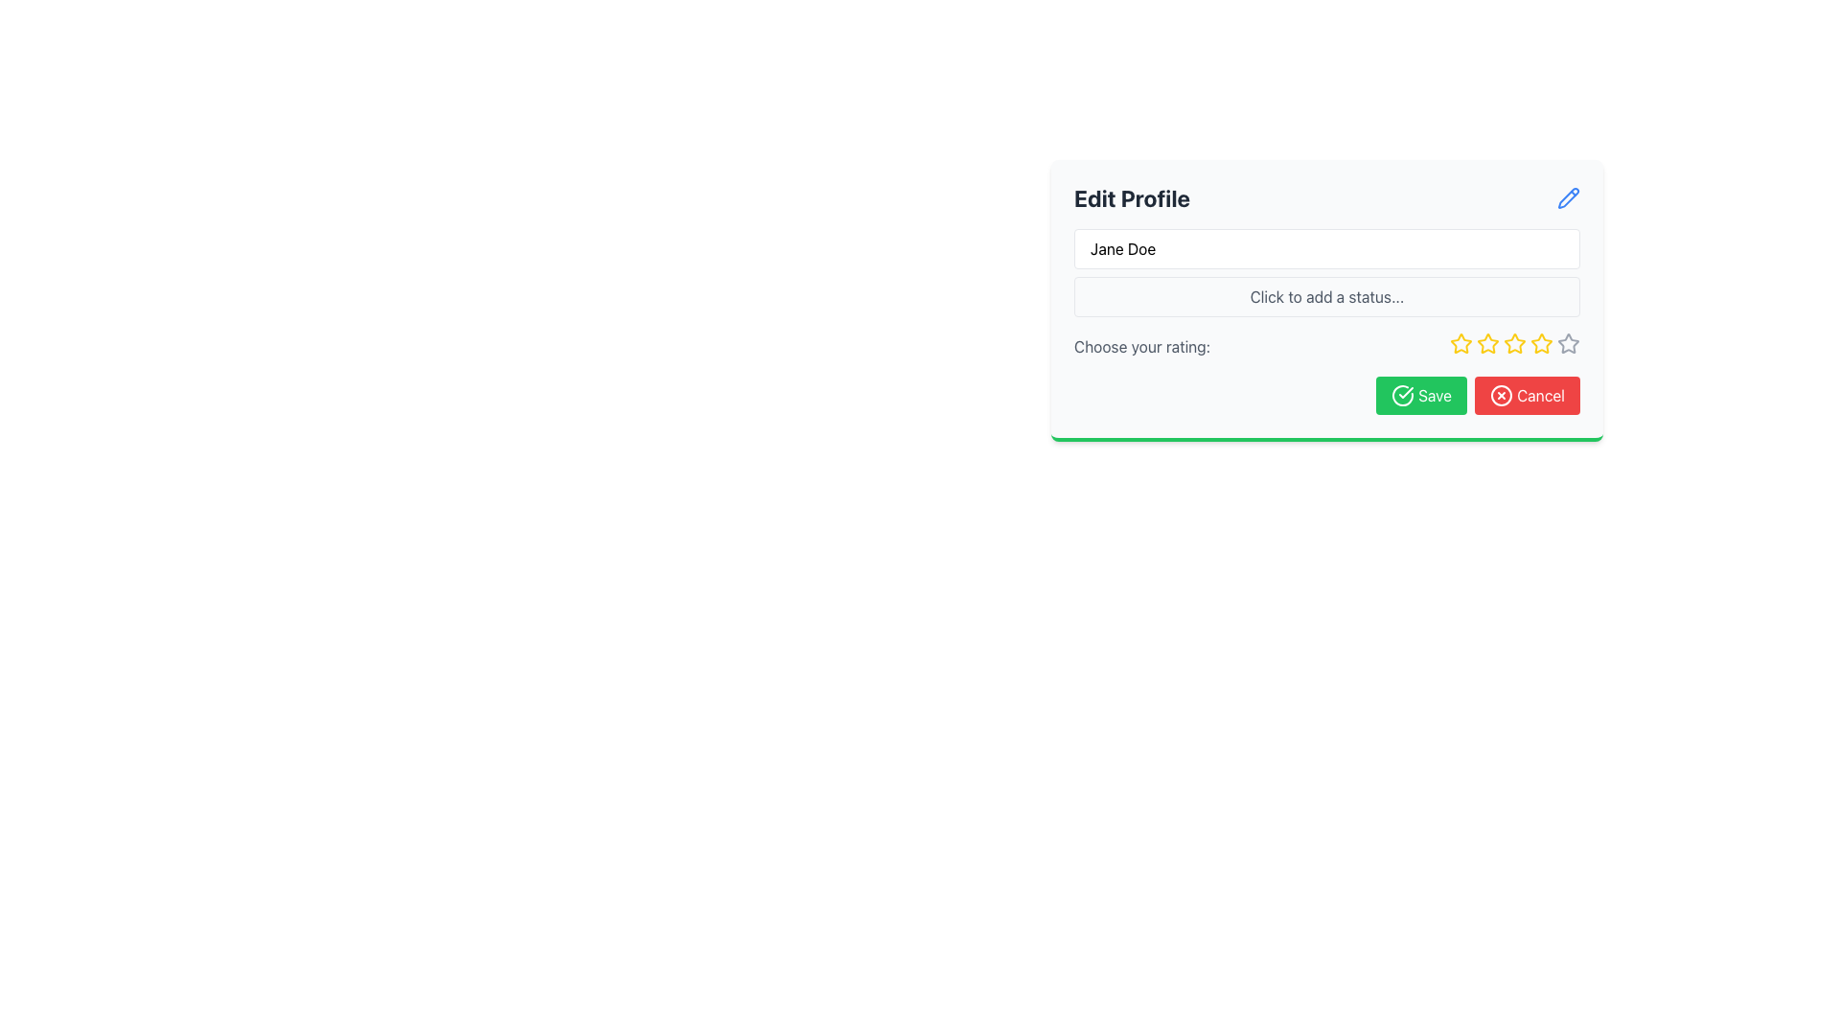 The width and height of the screenshot is (1840, 1035). Describe the element at coordinates (1485, 342) in the screenshot. I see `the second star rating icon in the 5-star rating system` at that location.